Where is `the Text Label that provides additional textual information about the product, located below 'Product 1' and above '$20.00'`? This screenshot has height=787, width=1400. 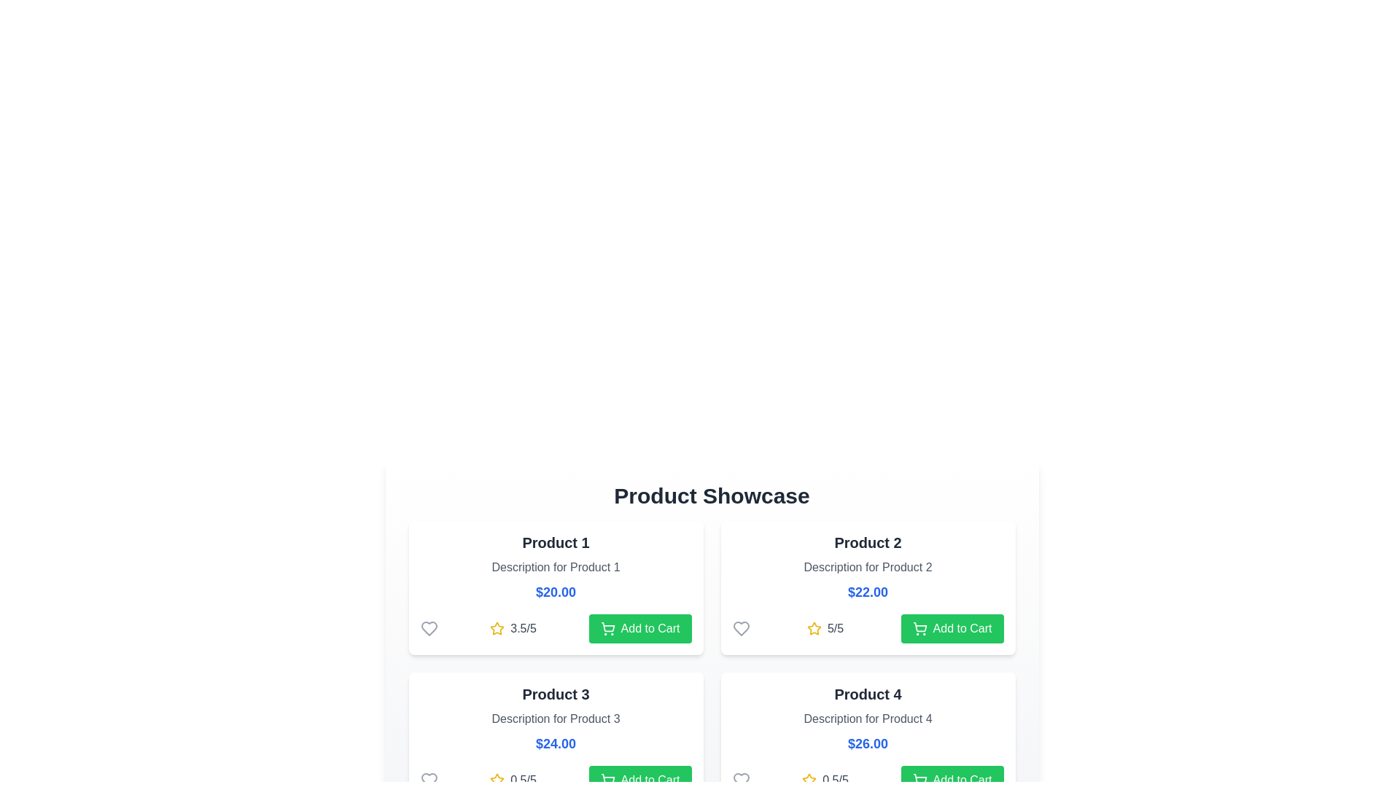 the Text Label that provides additional textual information about the product, located below 'Product 1' and above '$20.00' is located at coordinates (555, 567).